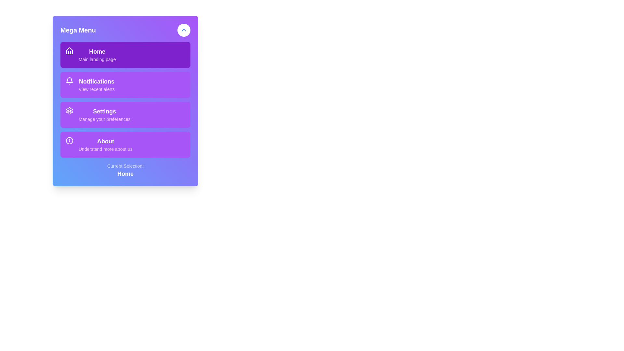 This screenshot has height=351, width=624. What do you see at coordinates (70, 110) in the screenshot?
I see `the gear-like icon representing settings in the Mega Menu list, which is visually aligned with options like 'Home', 'Notifications', and 'About'` at bounding box center [70, 110].